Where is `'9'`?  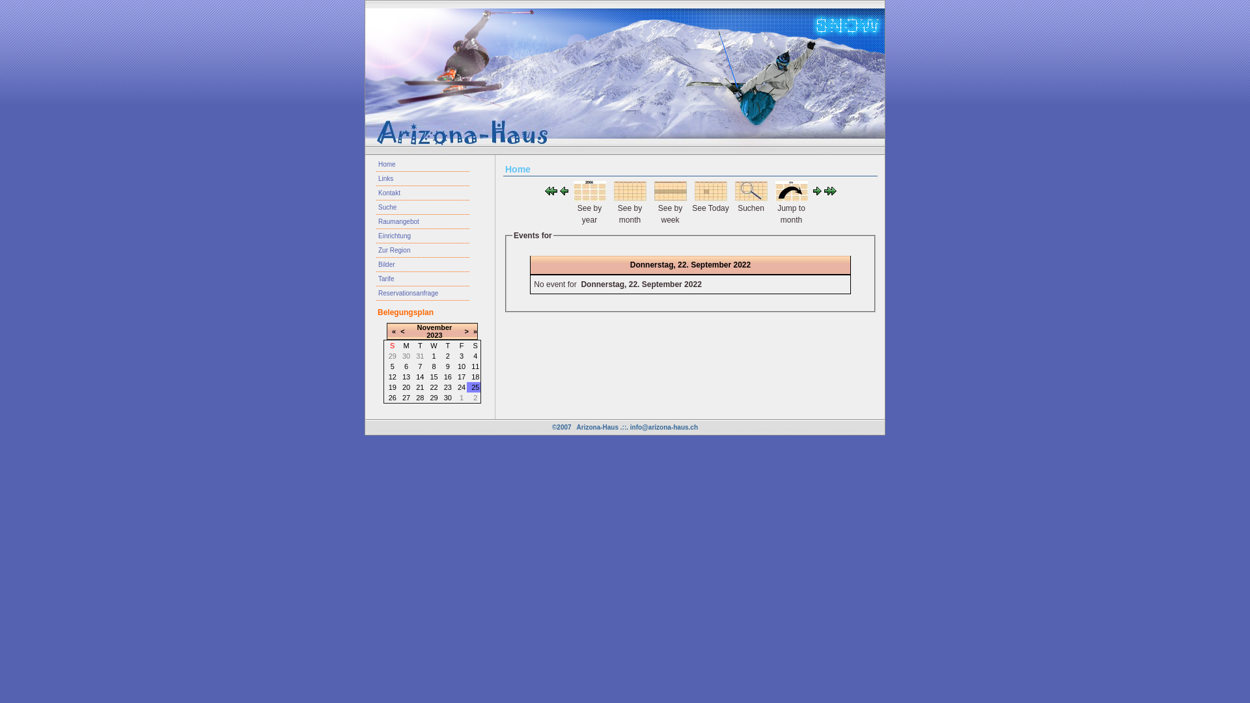
'9' is located at coordinates (447, 366).